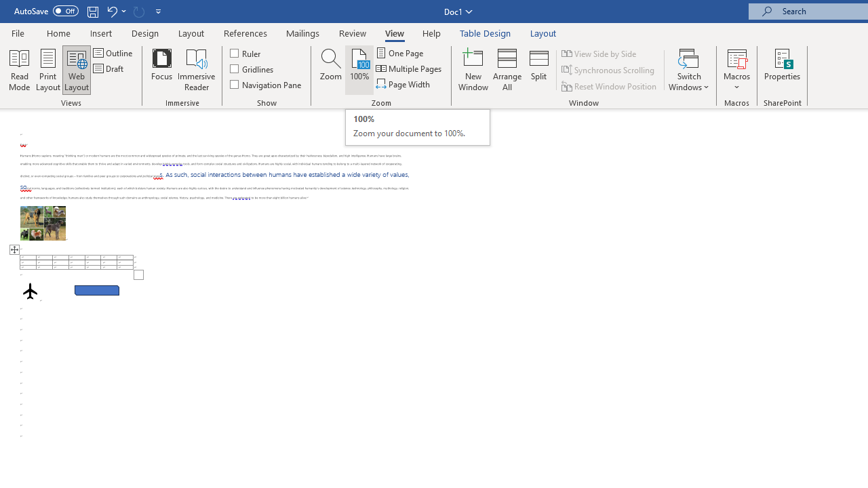  What do you see at coordinates (252, 68) in the screenshot?
I see `'Gridlines'` at bounding box center [252, 68].